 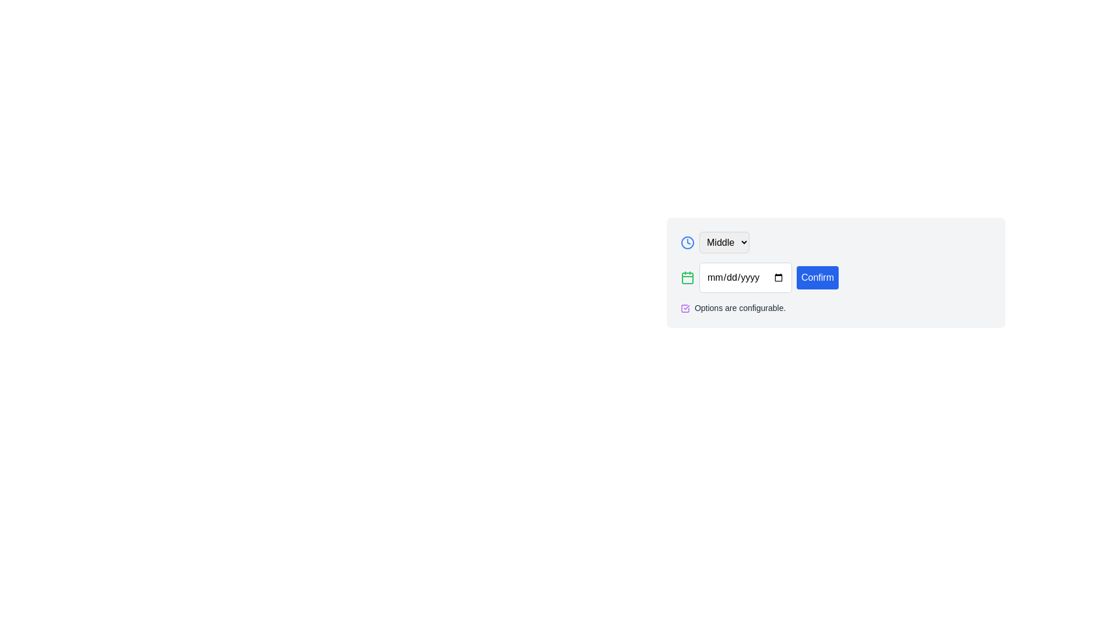 I want to click on the Dropdown menu located at the center of the horizontal grouping of icons and controls, positioned above a date input field and a confirmation button, so click(x=724, y=242).